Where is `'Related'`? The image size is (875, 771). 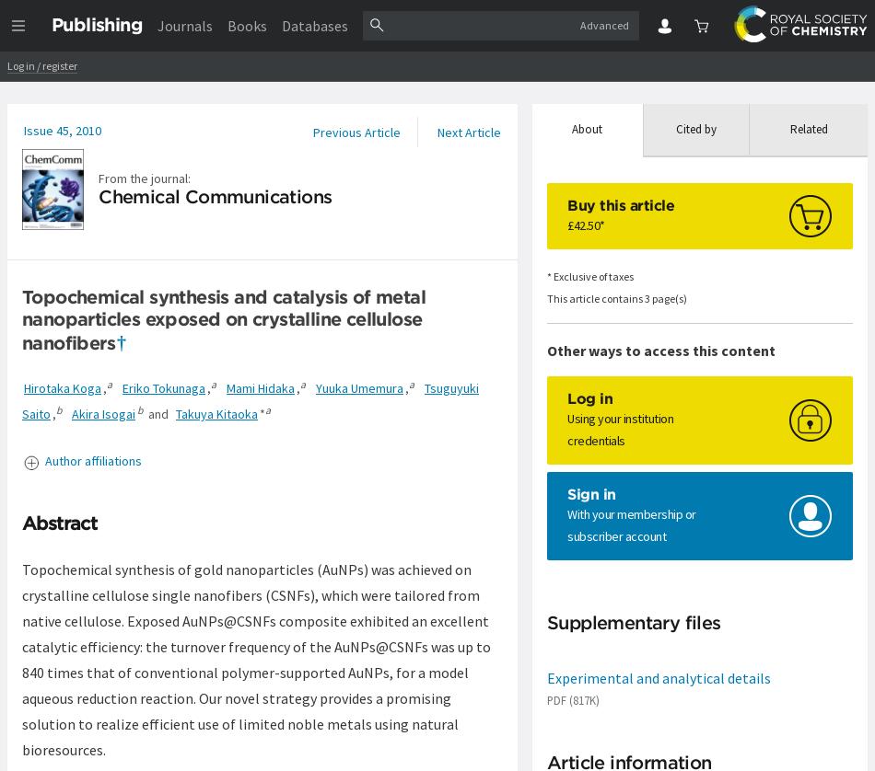
'Related' is located at coordinates (787, 129).